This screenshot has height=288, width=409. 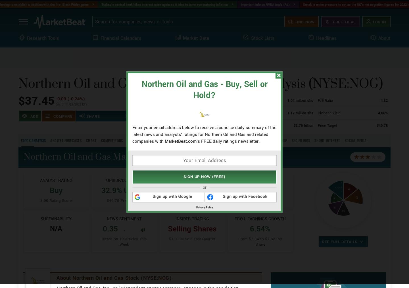 I want to click on '$43.64', so click(x=227, y=146).